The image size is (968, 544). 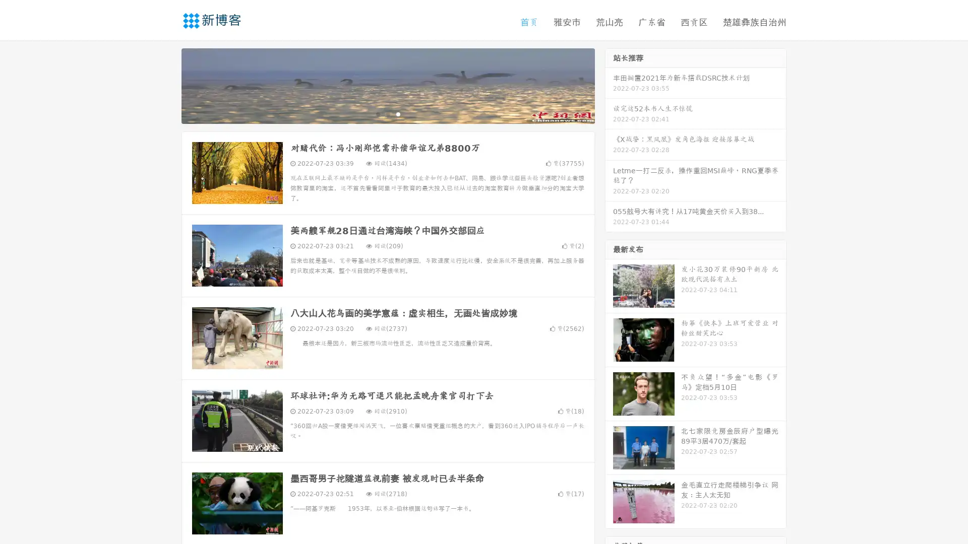 What do you see at coordinates (609, 85) in the screenshot?
I see `Next slide` at bounding box center [609, 85].